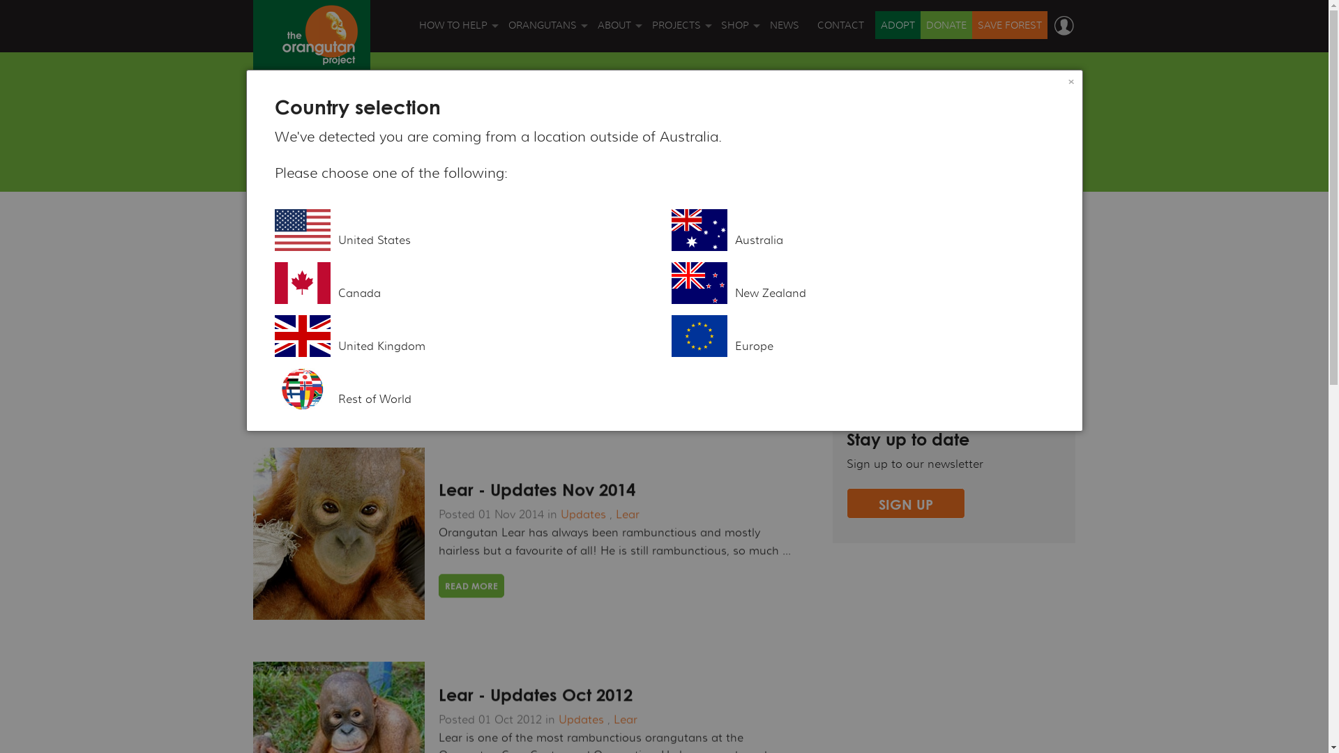  Describe the element at coordinates (509, 67) in the screenshot. I see `'ORANGUTAN FACTS'` at that location.